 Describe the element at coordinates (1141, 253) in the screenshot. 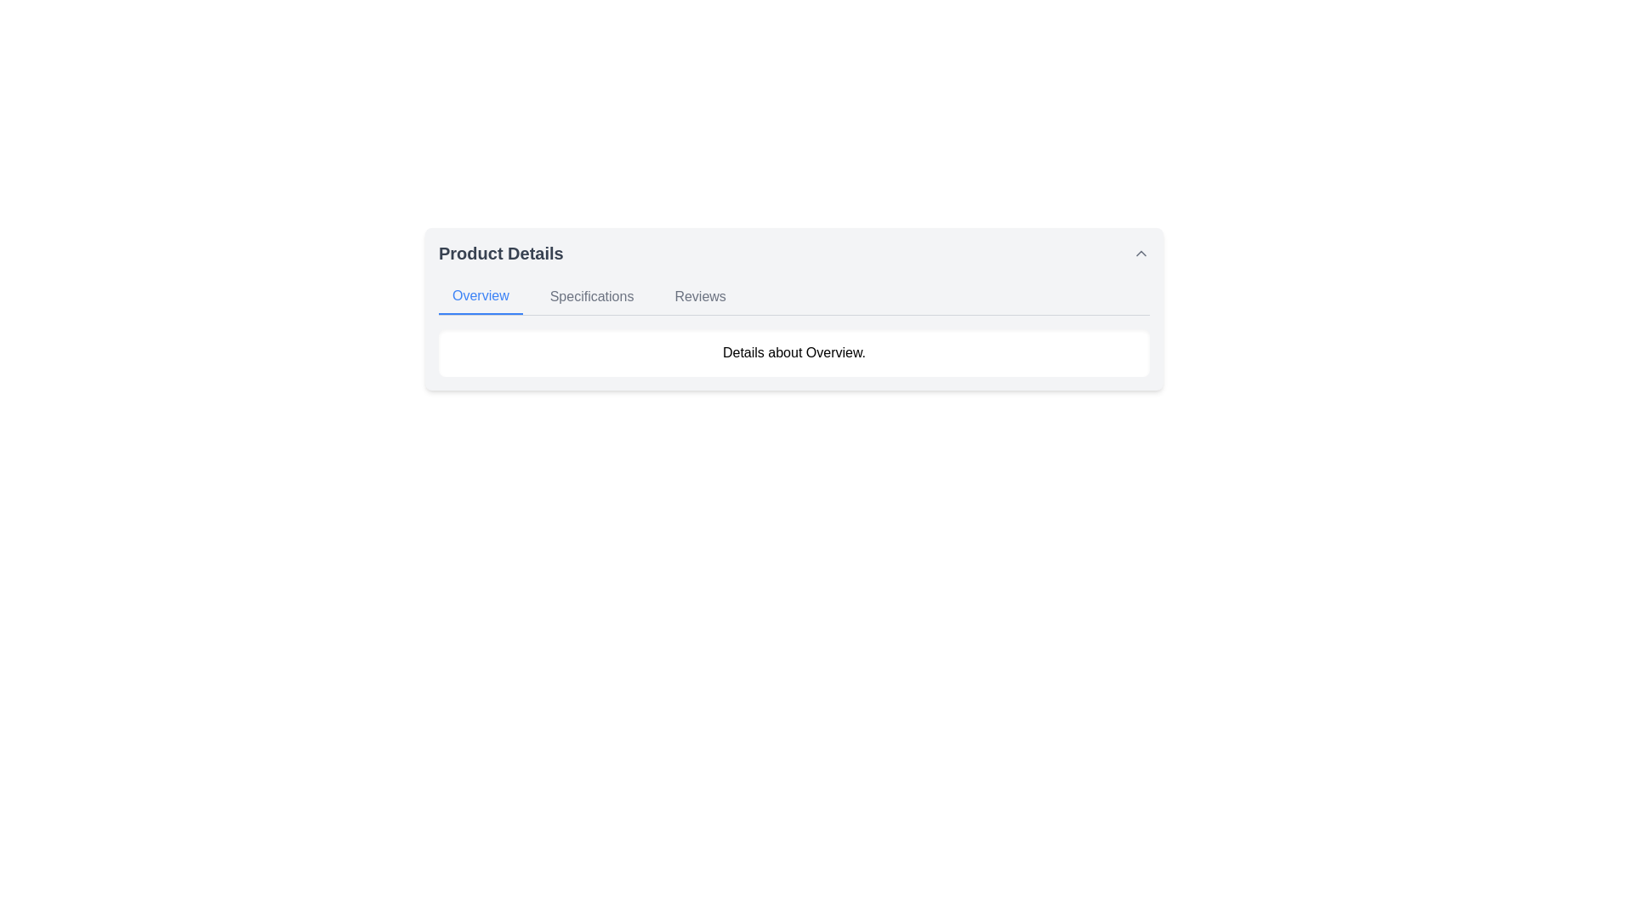

I see `the interactive icon button located at the far right of the 'Product Details' header for visual feedback` at that location.